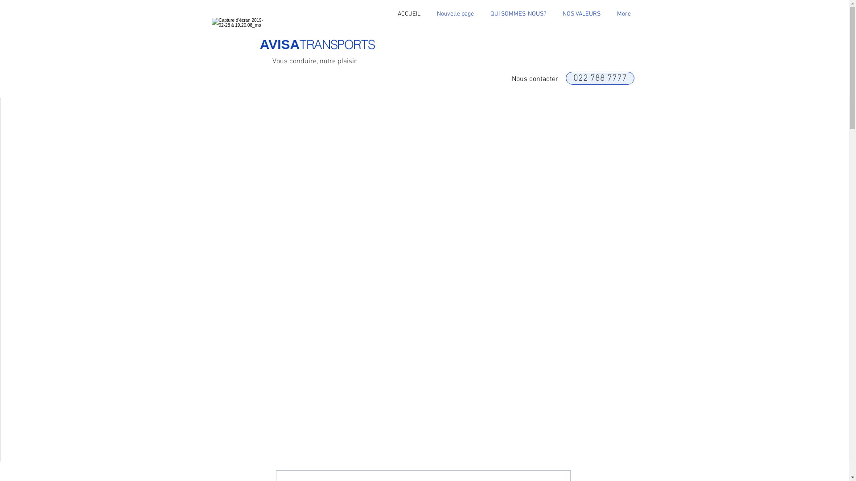  Describe the element at coordinates (456, 14) in the screenshot. I see `'Nouvelle page'` at that location.